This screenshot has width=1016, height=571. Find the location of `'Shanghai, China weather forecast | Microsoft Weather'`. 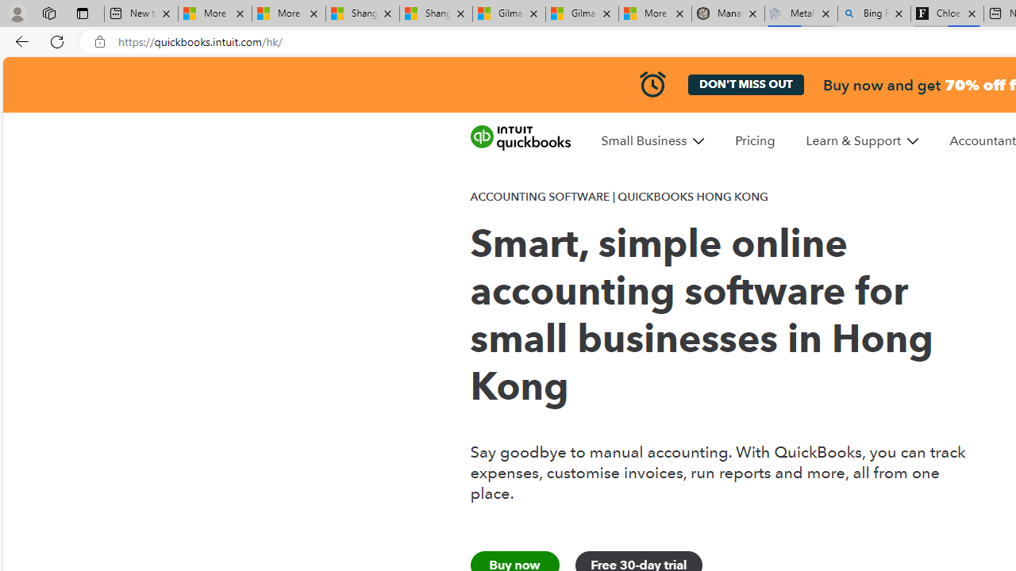

'Shanghai, China weather forecast | Microsoft Weather' is located at coordinates (436, 13).